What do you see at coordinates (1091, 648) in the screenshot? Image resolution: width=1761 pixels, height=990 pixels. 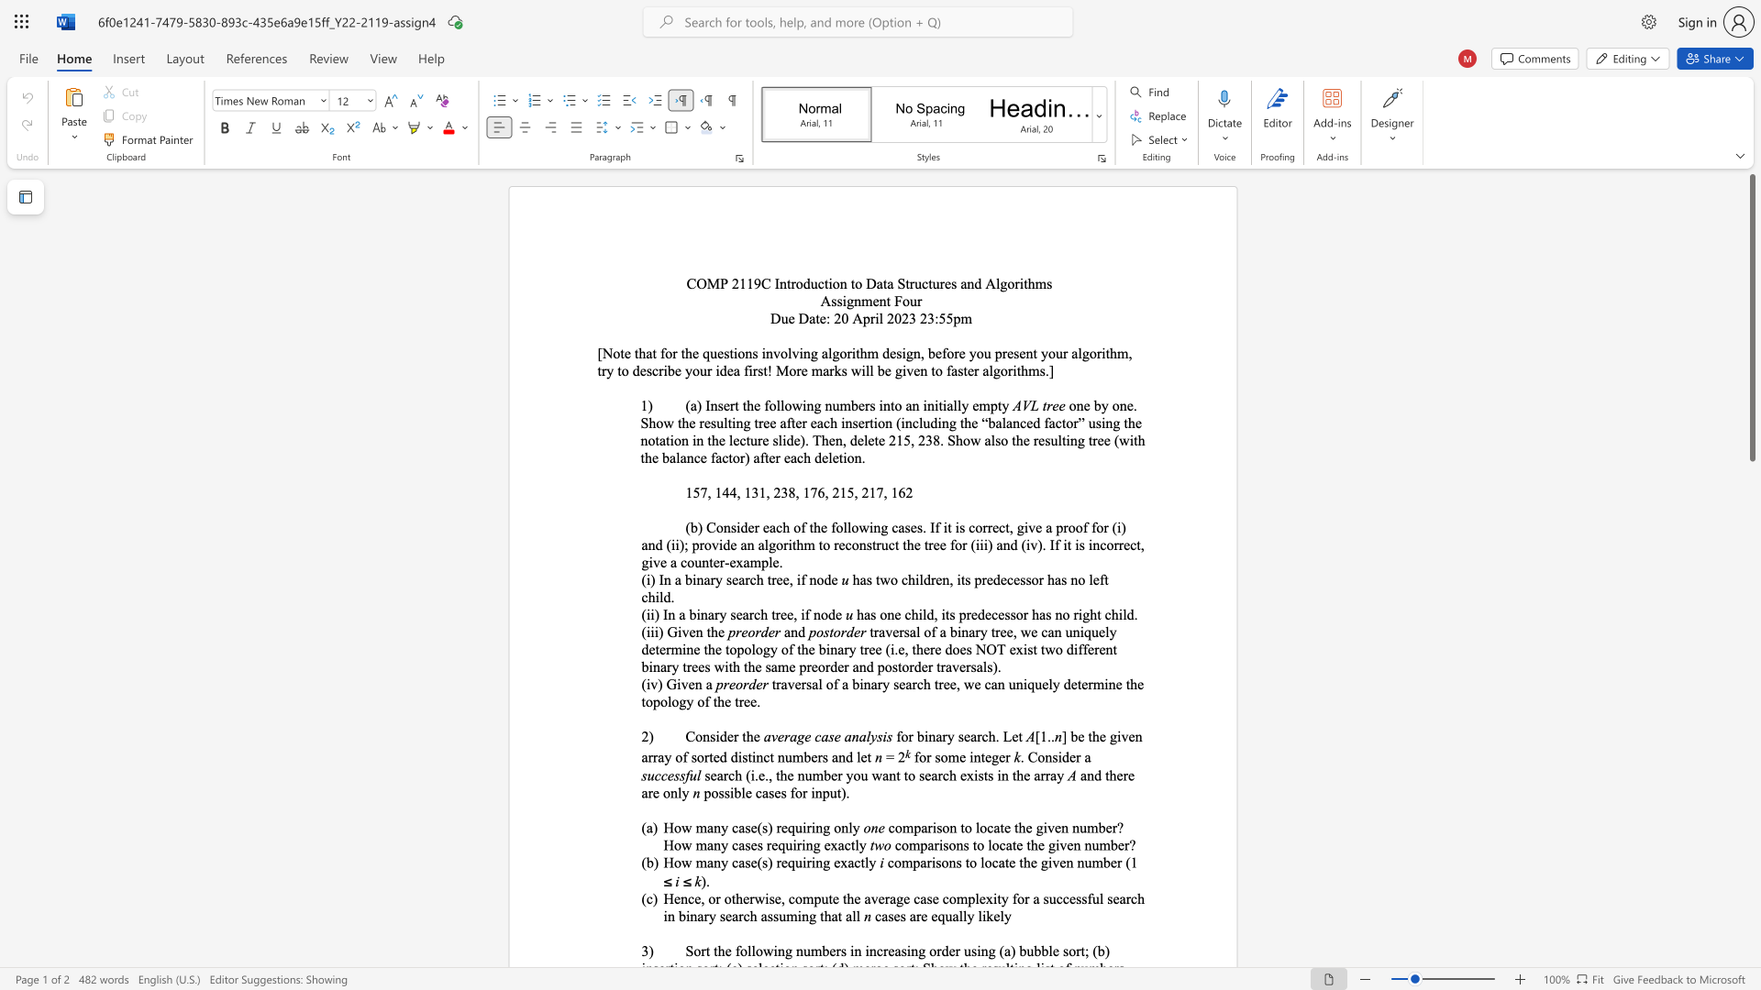 I see `the 18th character "e" in the text` at bounding box center [1091, 648].